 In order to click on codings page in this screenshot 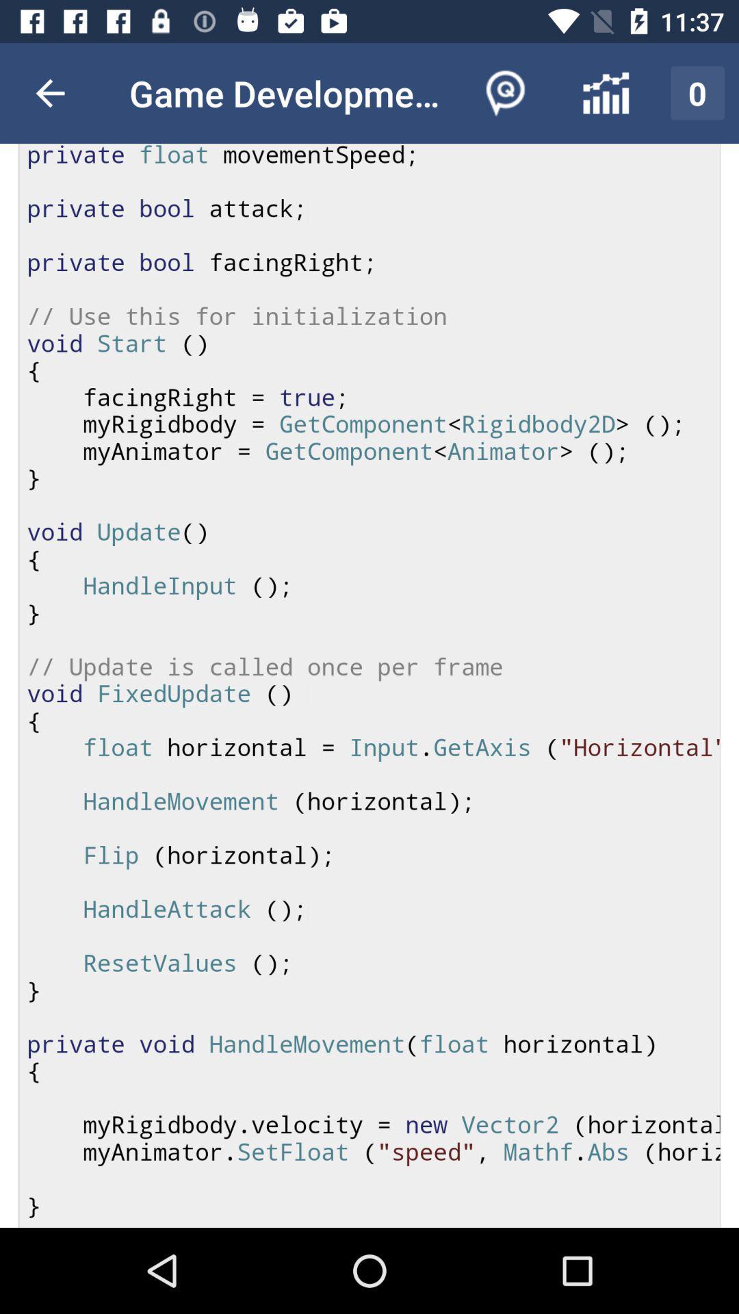, I will do `click(369, 686)`.